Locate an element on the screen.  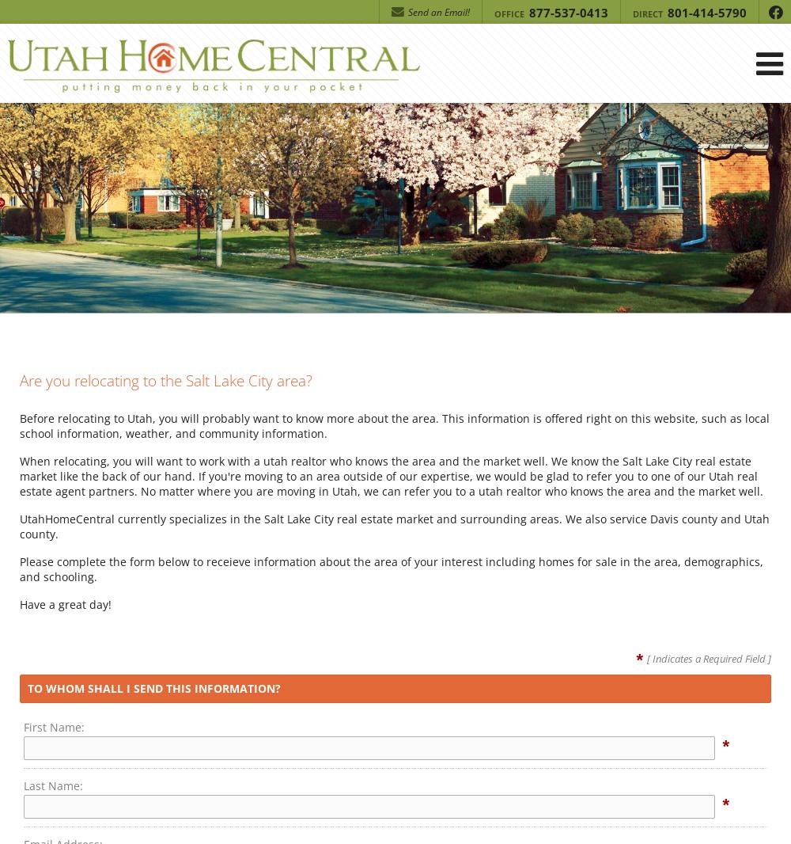
'f' is located at coordinates (774, 11).